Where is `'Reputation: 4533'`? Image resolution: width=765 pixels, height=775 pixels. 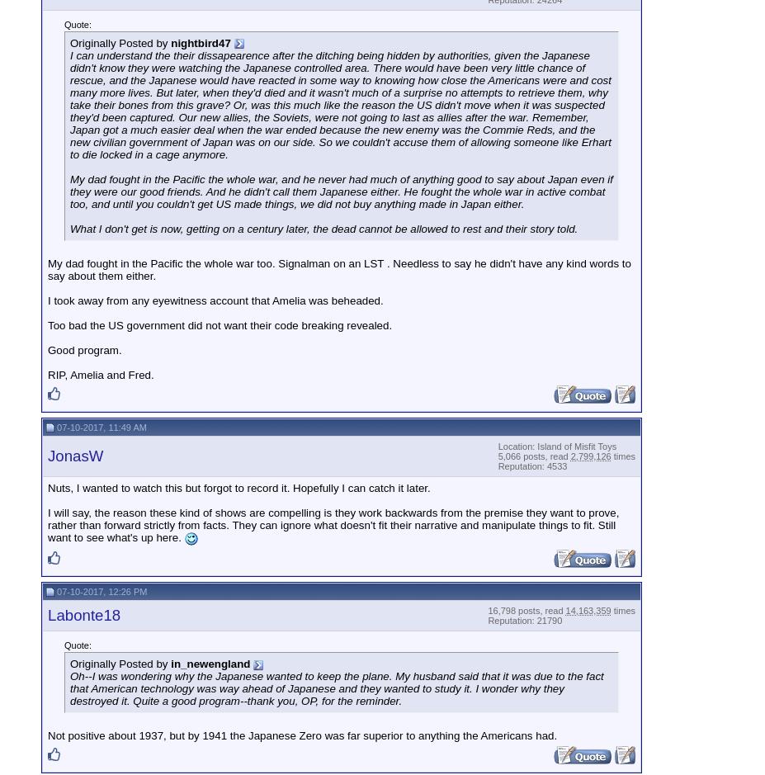 'Reputation: 4533' is located at coordinates (531, 465).